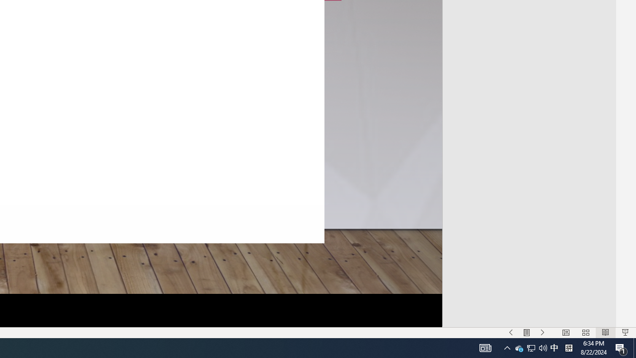 The width and height of the screenshot is (636, 358). Describe the element at coordinates (542, 333) in the screenshot. I see `'Slide Show Next On'` at that location.